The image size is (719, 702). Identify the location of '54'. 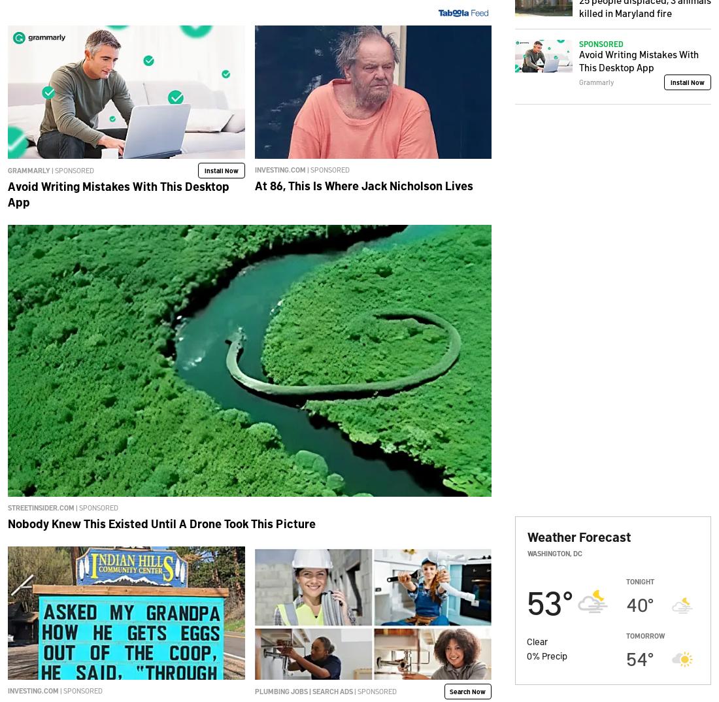
(636, 657).